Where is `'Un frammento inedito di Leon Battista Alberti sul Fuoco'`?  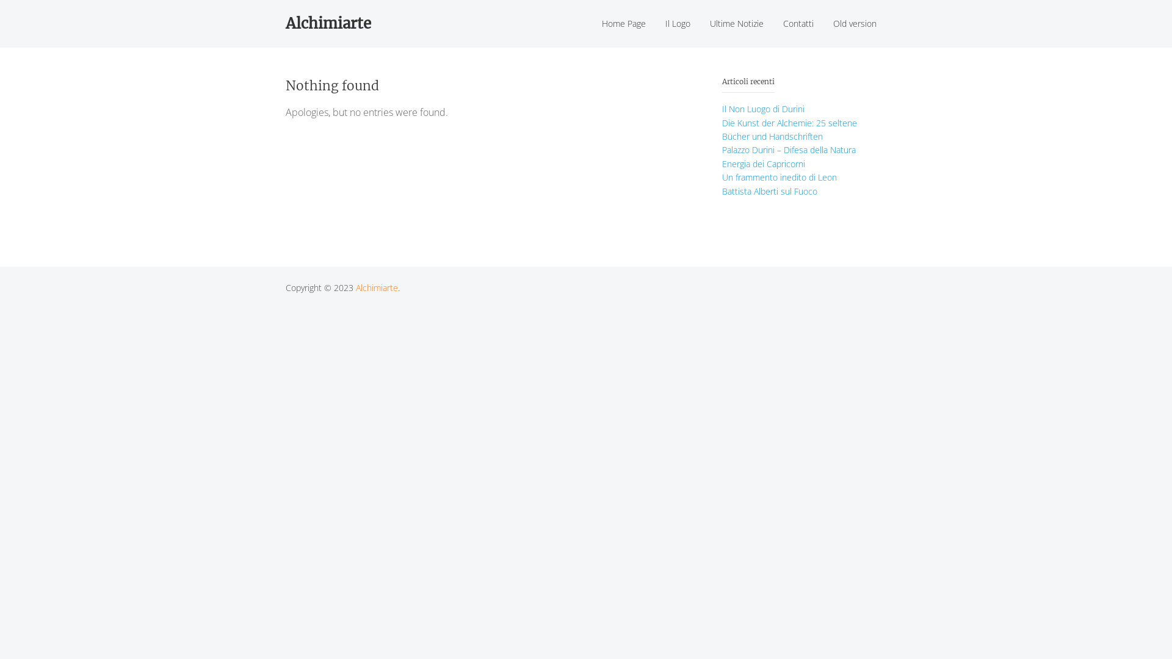 'Un frammento inedito di Leon Battista Alberti sul Fuoco' is located at coordinates (778, 184).